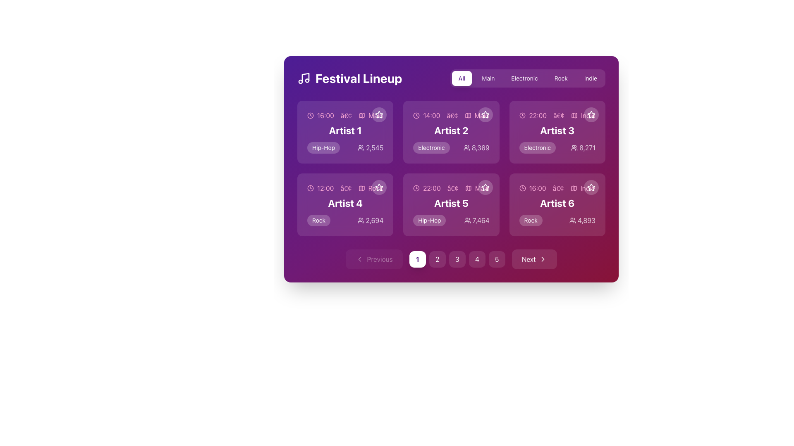  I want to click on icon representing the number of attendees for 'Artist 3' located to the left of the text '8,271' in the festival lineup panel, so click(574, 147).